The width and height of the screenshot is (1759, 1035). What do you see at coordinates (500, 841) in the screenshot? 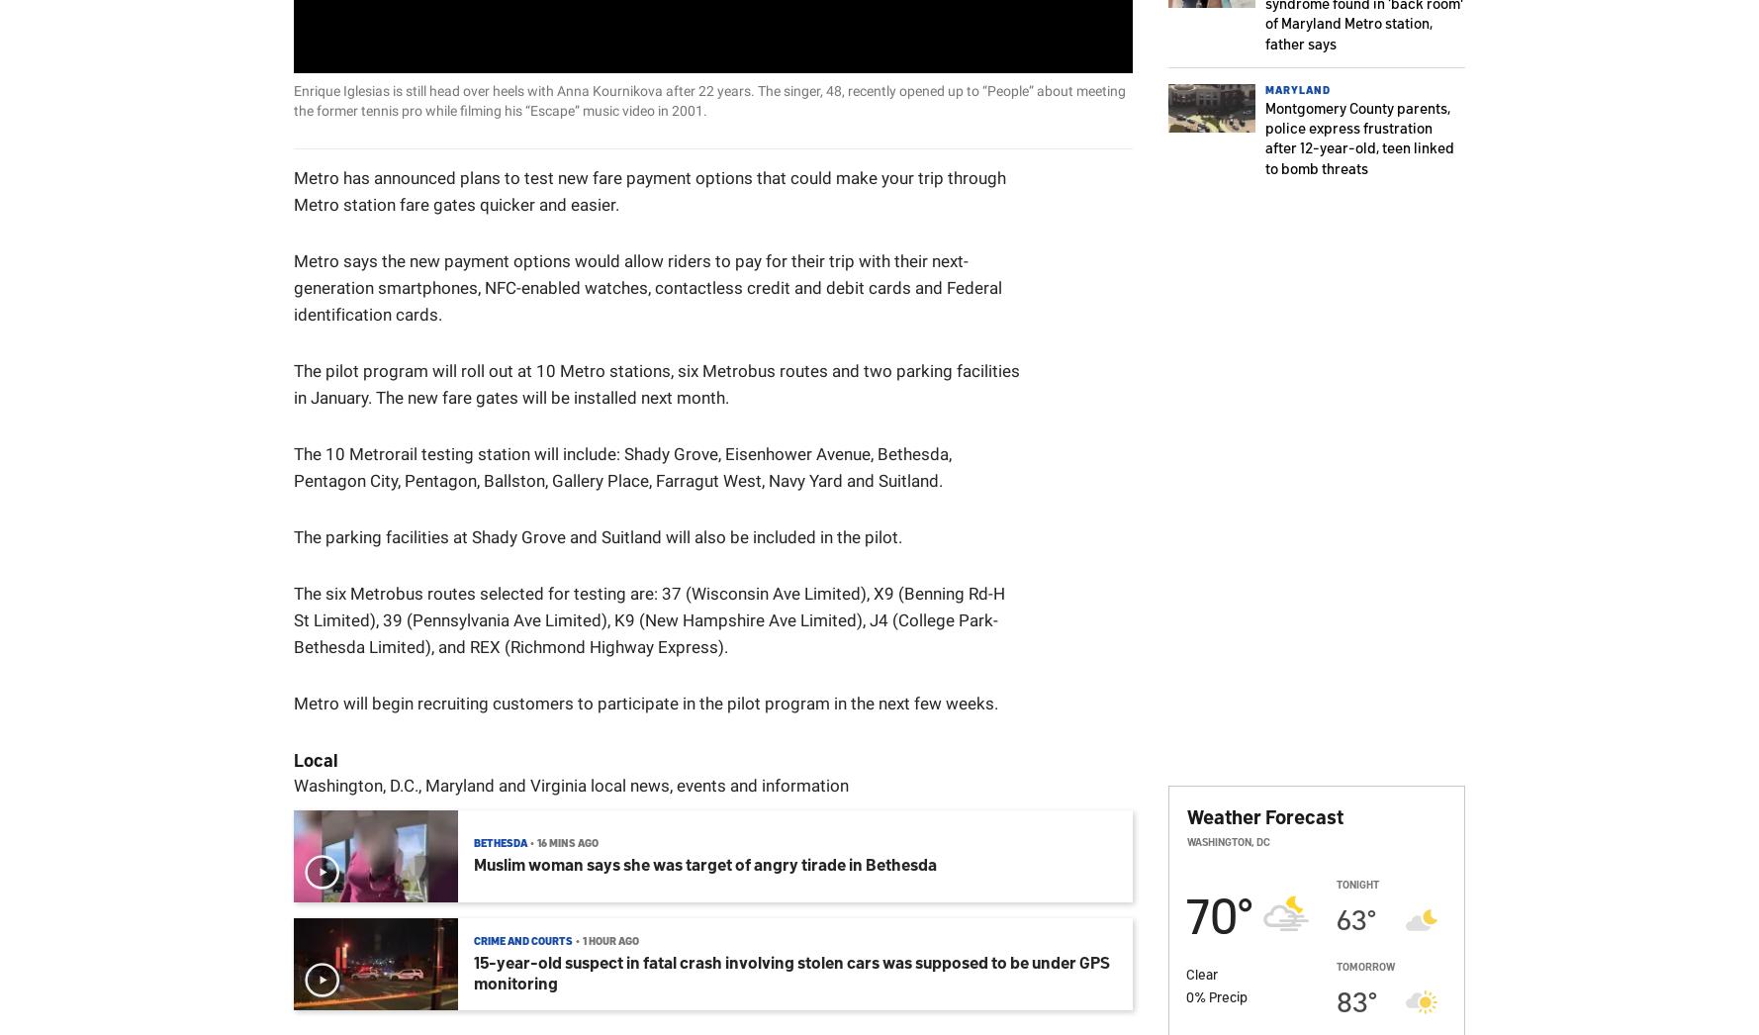
I see `'Bethesda'` at bounding box center [500, 841].